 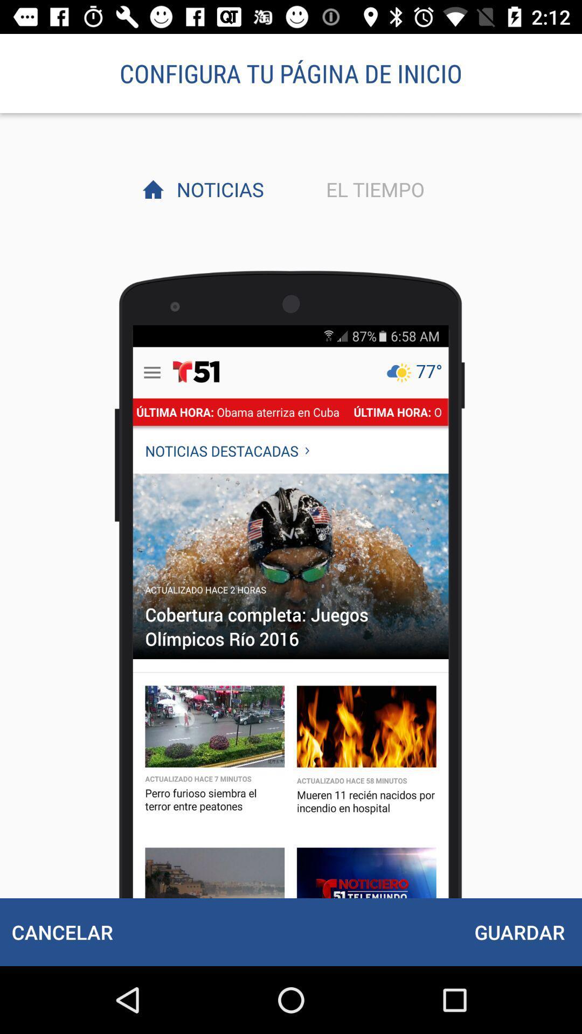 What do you see at coordinates (519, 932) in the screenshot?
I see `the icon below el tiempo item` at bounding box center [519, 932].